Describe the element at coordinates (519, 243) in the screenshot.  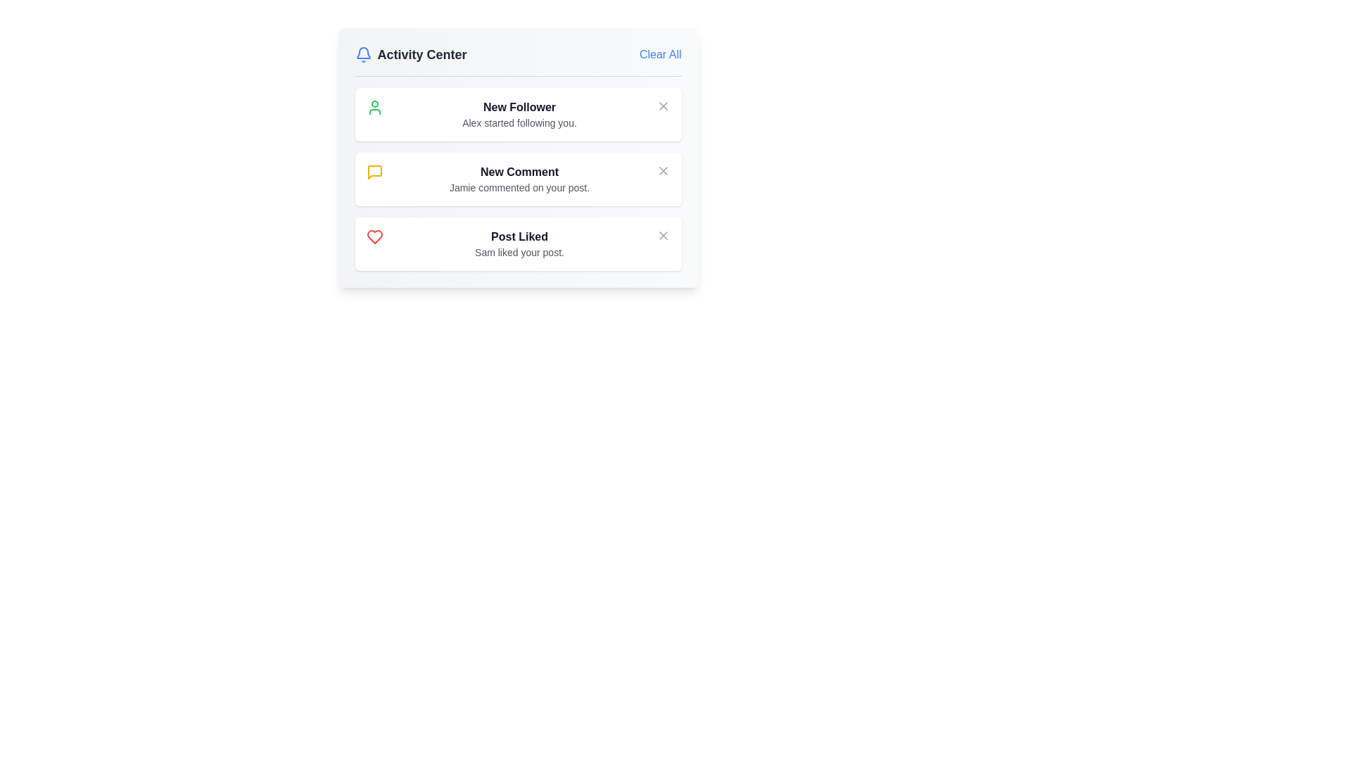
I see `notification text informing the user that 'Sam' liked a post, located within the notification card in the 'Activity Center' section, positioned between 'New Comment' and a blank area` at that location.